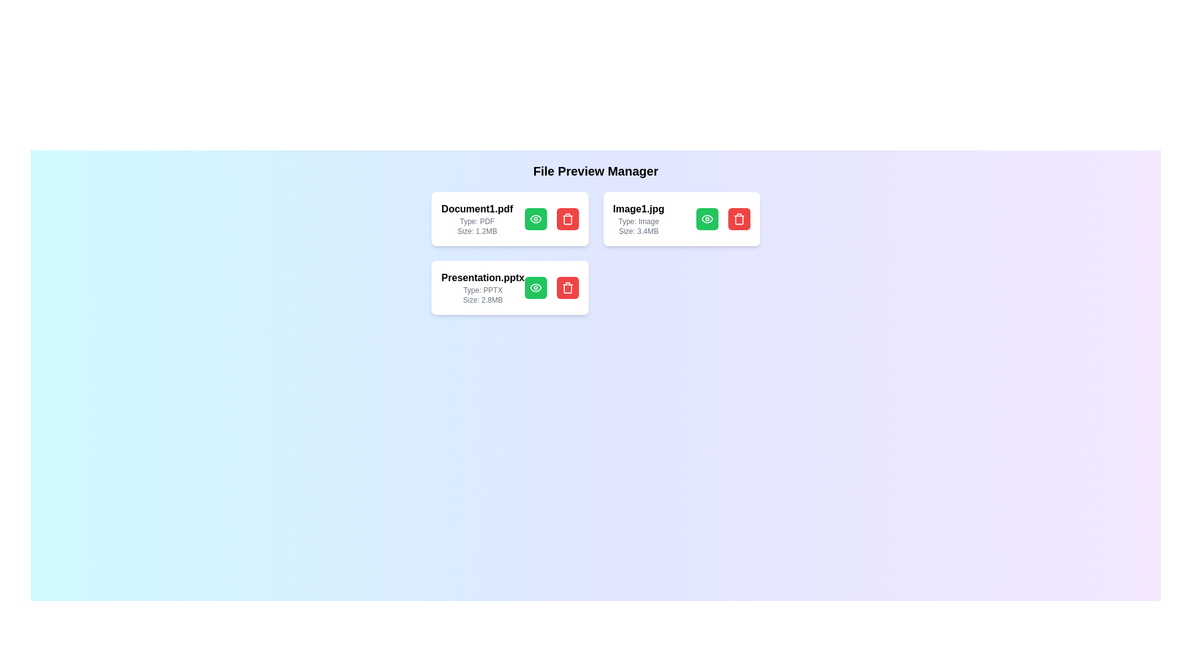  What do you see at coordinates (535, 219) in the screenshot?
I see `the eye icon button in the top-left quadrant of the item card for 'Document1.pdf'` at bounding box center [535, 219].